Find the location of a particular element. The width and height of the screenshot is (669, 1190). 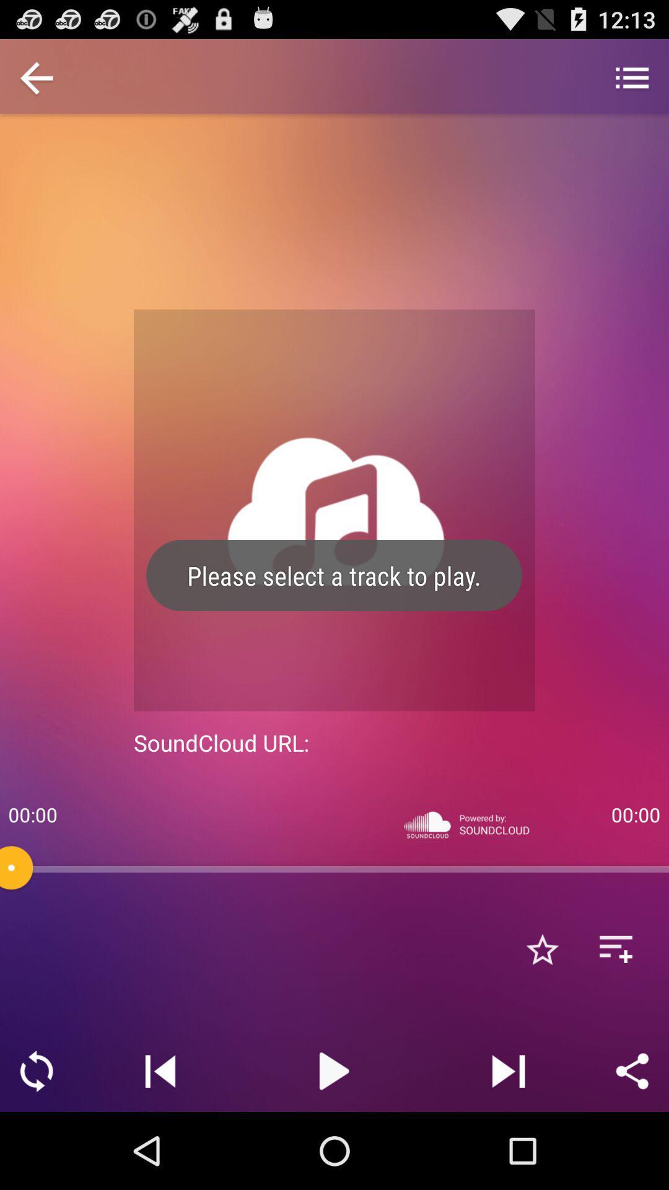

item at the top left corner is located at coordinates (36, 79).